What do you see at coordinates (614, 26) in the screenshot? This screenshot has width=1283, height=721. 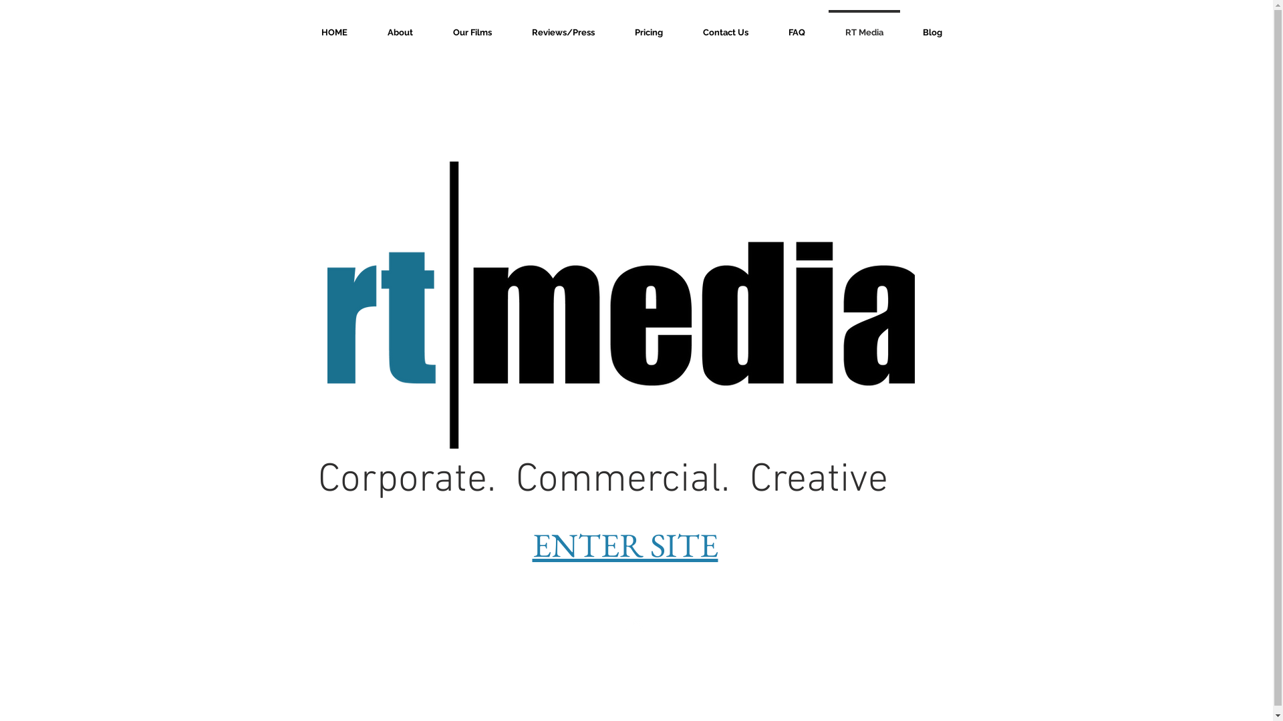 I see `'Pricing'` at bounding box center [614, 26].